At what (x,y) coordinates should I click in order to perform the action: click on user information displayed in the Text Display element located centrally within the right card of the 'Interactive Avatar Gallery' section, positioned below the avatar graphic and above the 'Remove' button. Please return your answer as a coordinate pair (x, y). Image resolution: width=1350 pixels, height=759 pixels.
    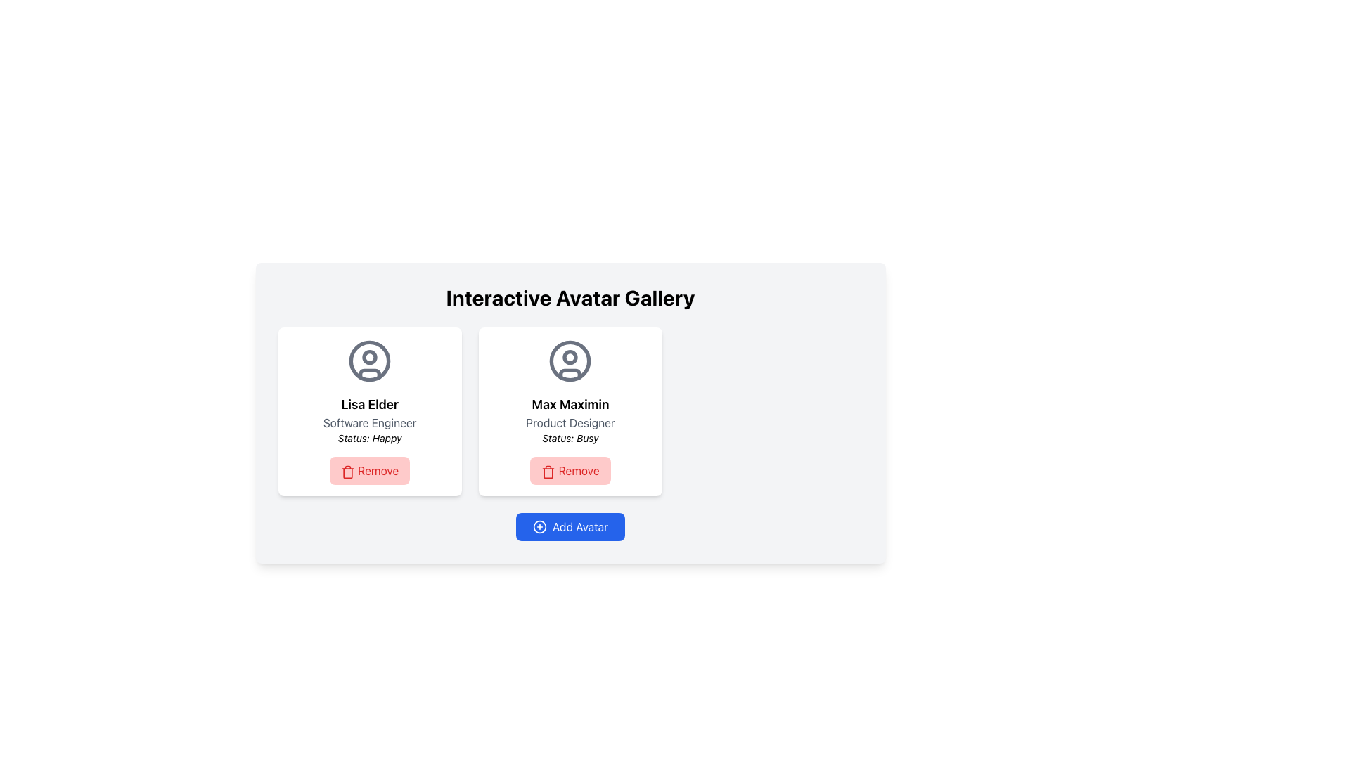
    Looking at the image, I should click on (570, 419).